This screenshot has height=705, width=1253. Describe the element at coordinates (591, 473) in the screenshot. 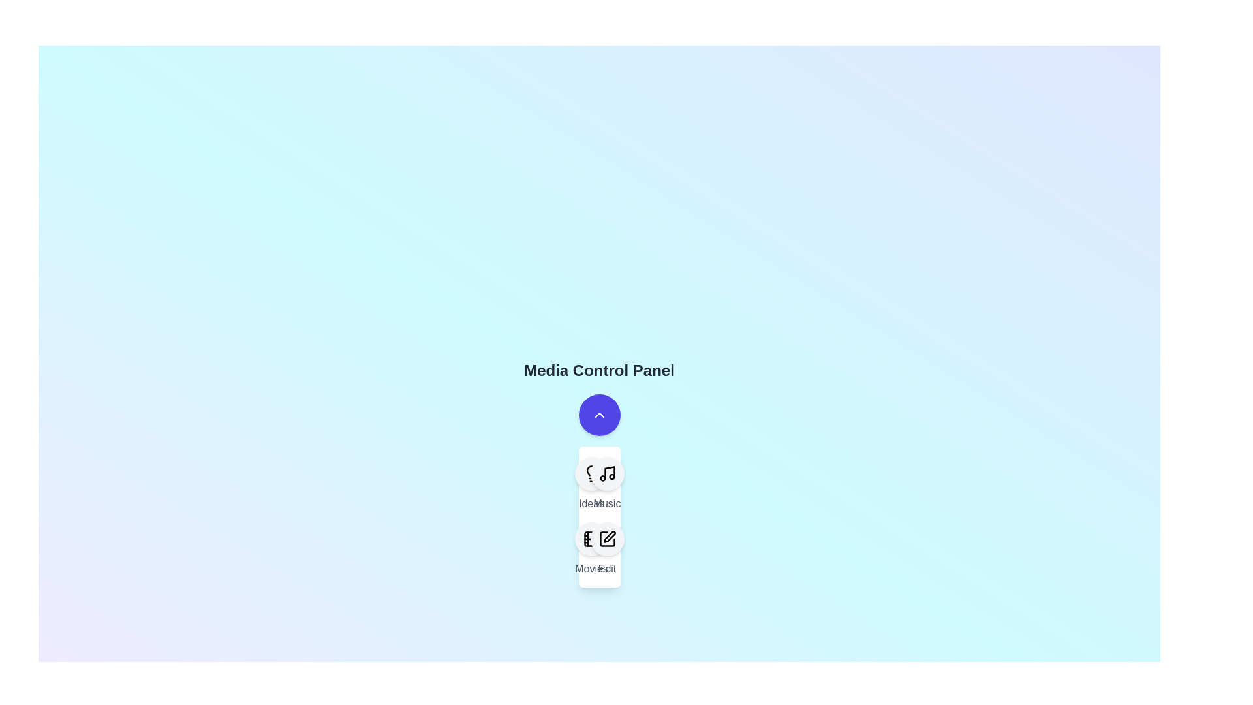

I see `the Ideas option in the menu` at that location.